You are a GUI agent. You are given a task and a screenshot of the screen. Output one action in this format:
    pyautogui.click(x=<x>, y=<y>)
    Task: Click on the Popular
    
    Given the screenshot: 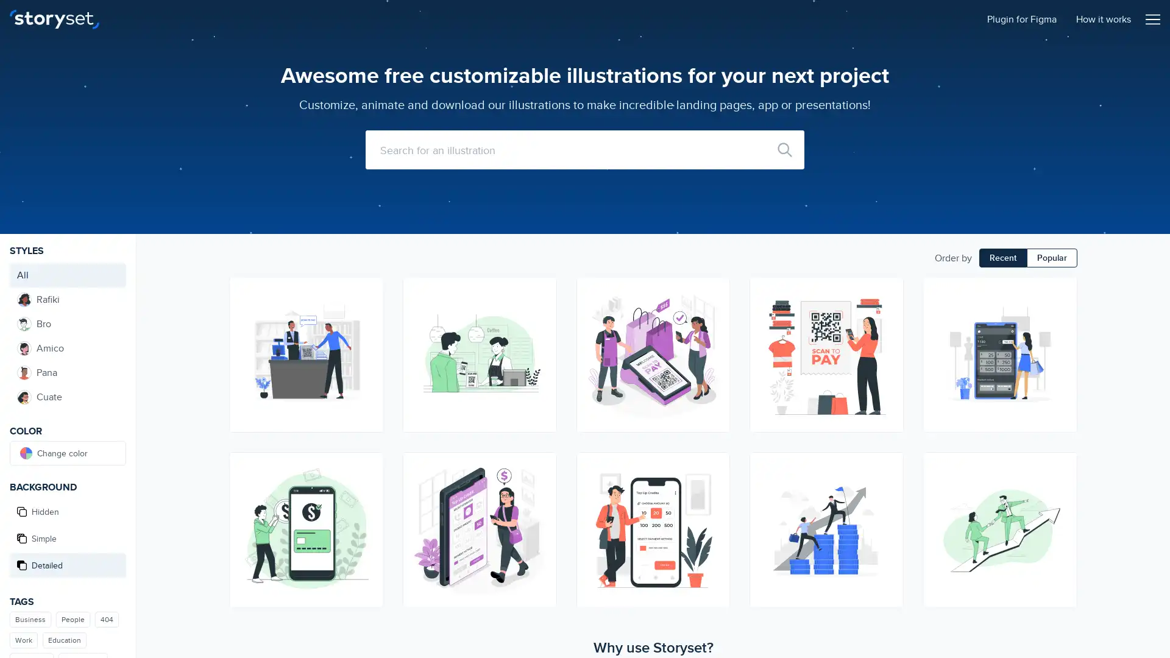 What is the action you would take?
    pyautogui.click(x=1051, y=257)
    